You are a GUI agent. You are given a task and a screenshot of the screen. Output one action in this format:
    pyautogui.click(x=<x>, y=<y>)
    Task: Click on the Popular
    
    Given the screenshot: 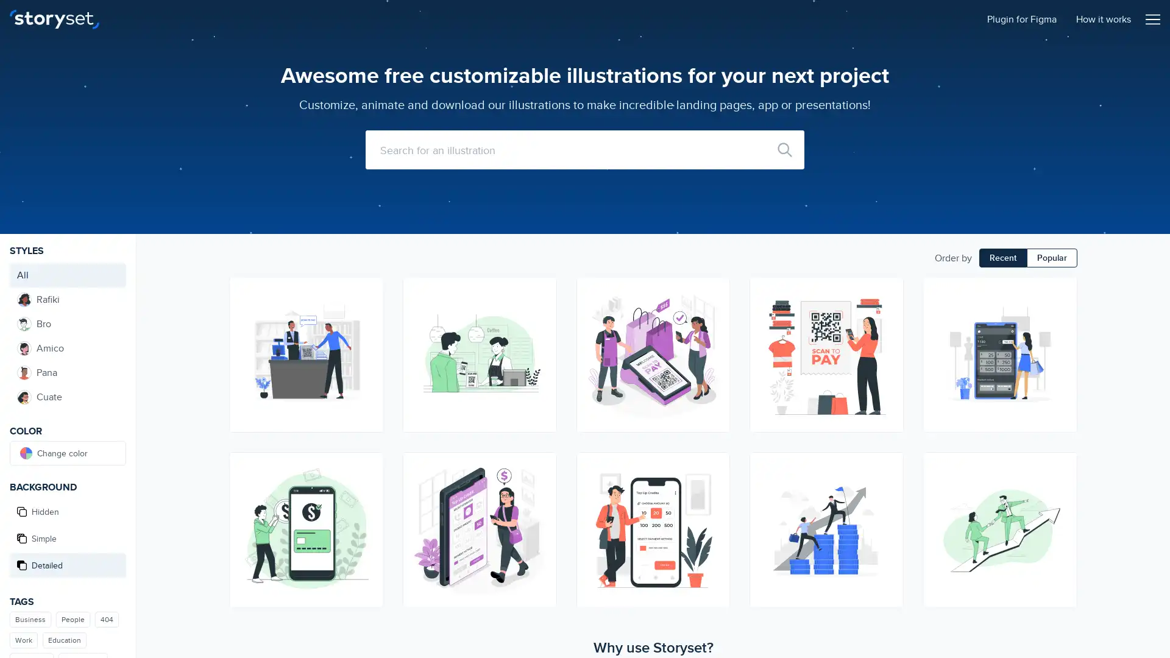 What is the action you would take?
    pyautogui.click(x=1051, y=257)
    